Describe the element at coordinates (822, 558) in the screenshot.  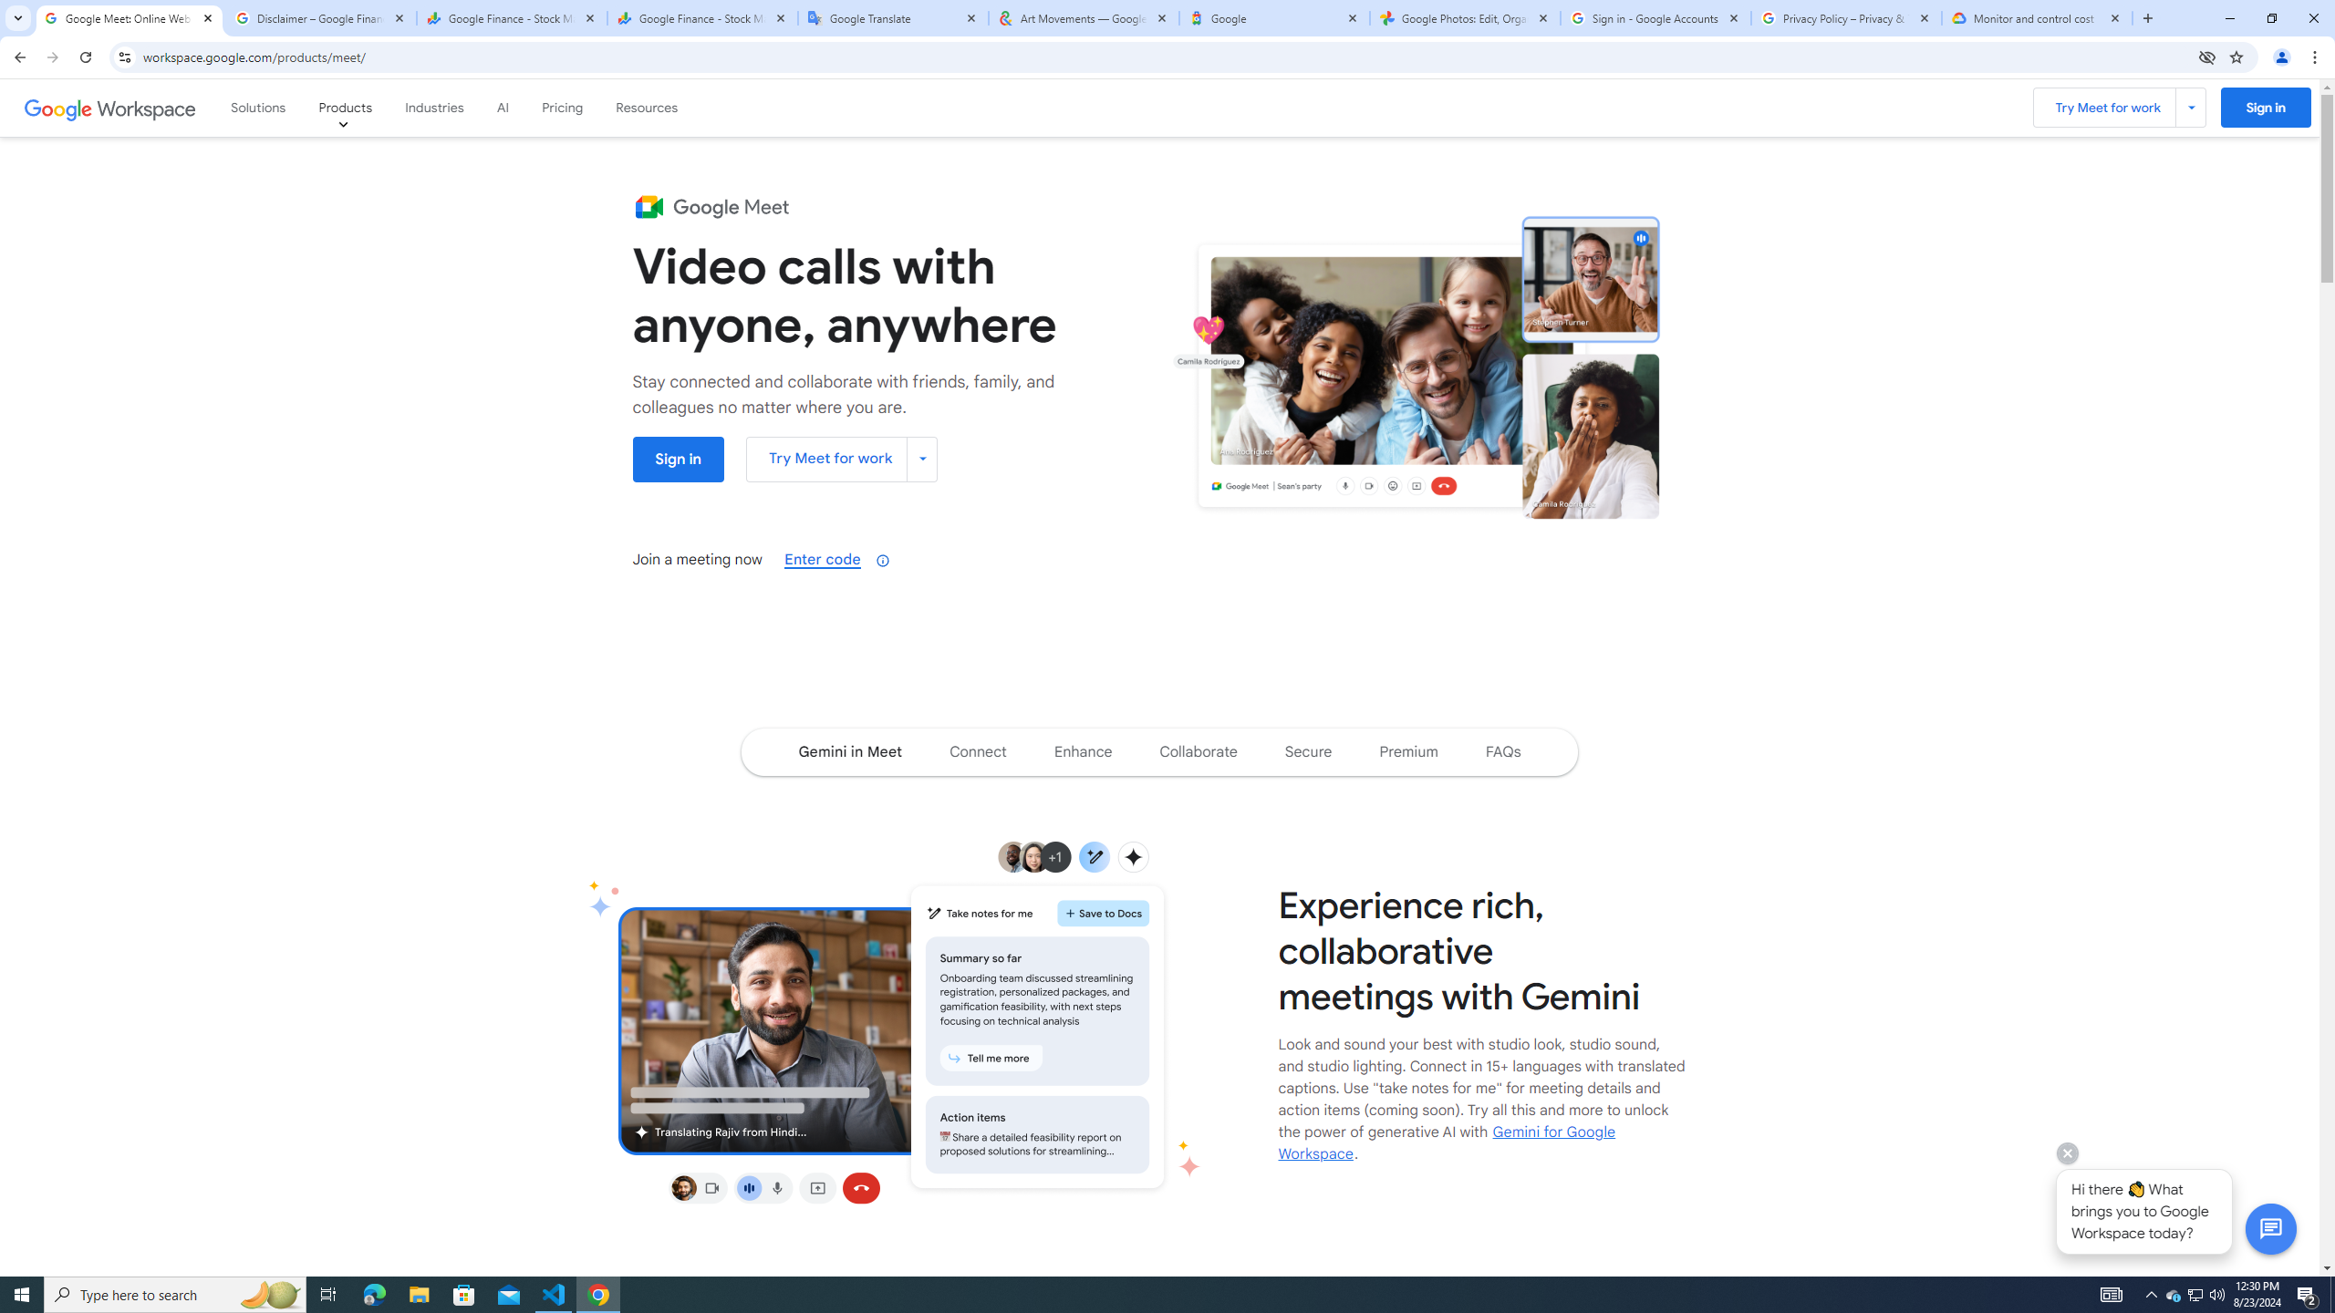
I see `'Enter code'` at that location.